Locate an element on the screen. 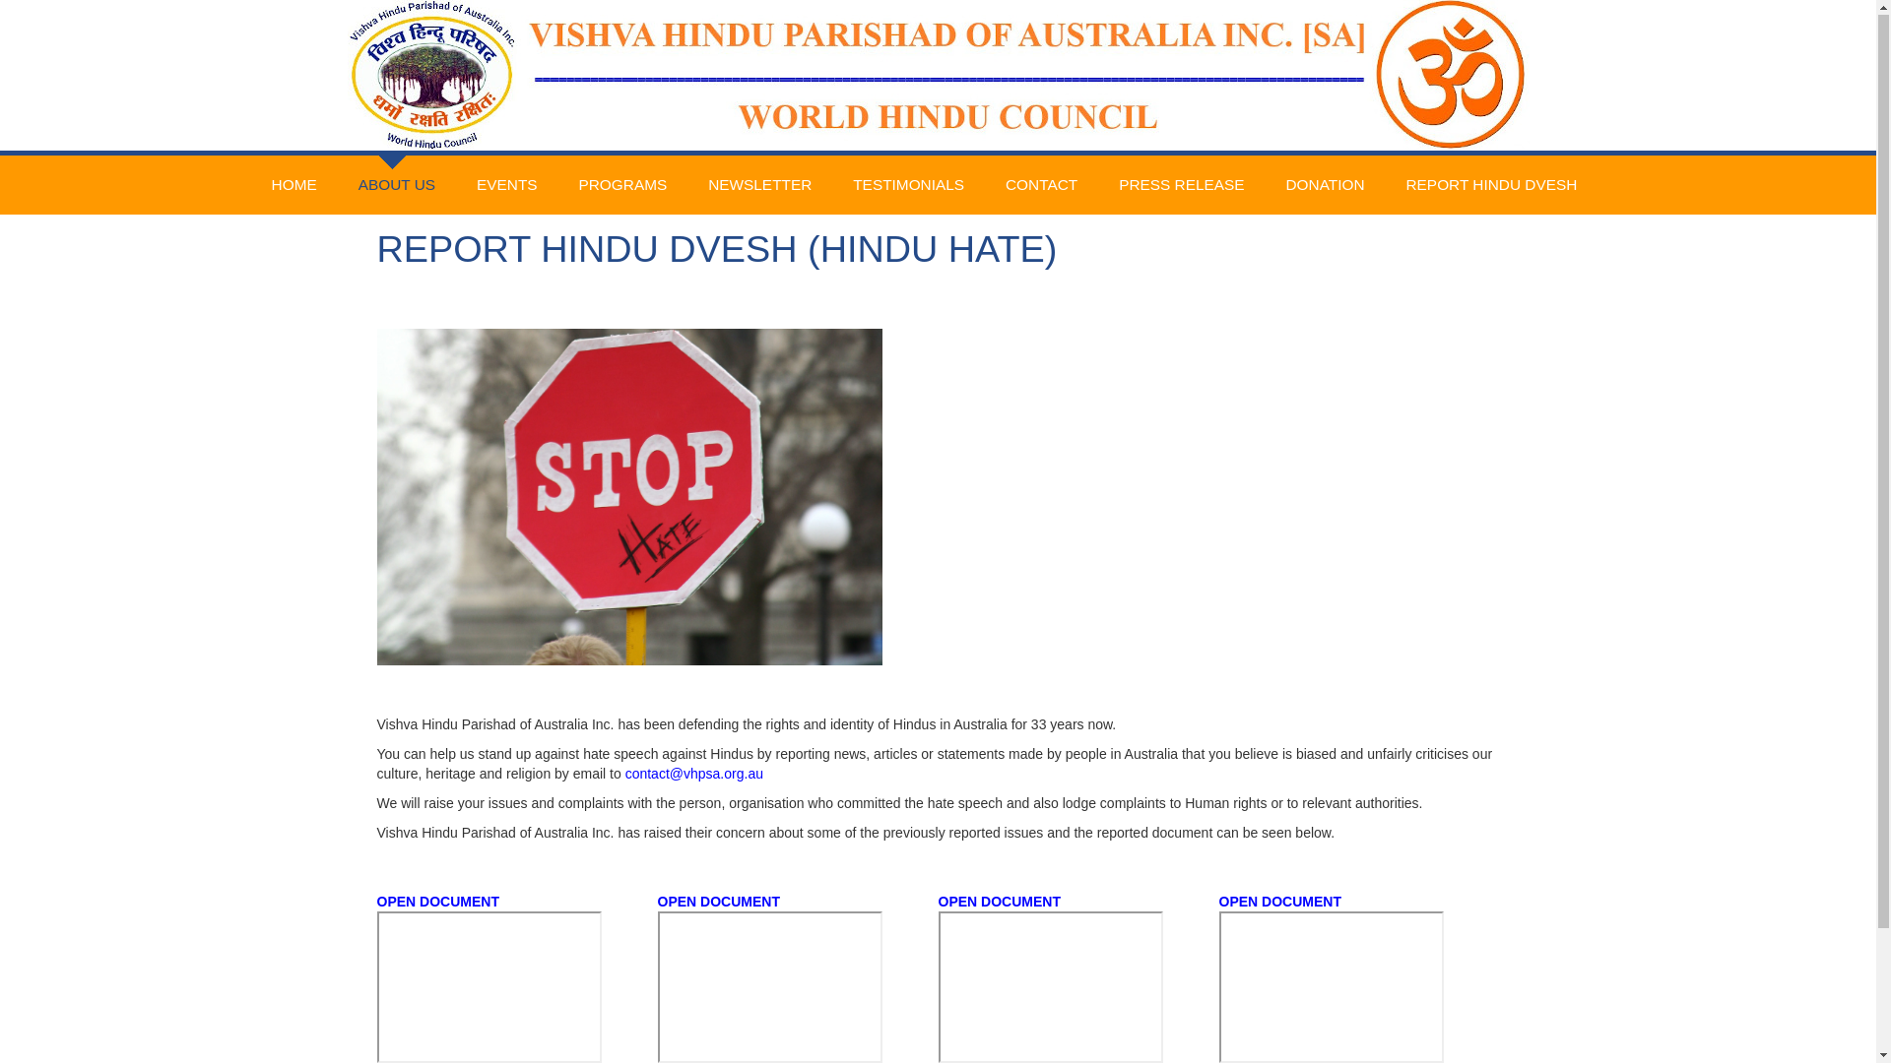 This screenshot has width=1891, height=1063. 'TESTIMONIALS' is located at coordinates (907, 186).